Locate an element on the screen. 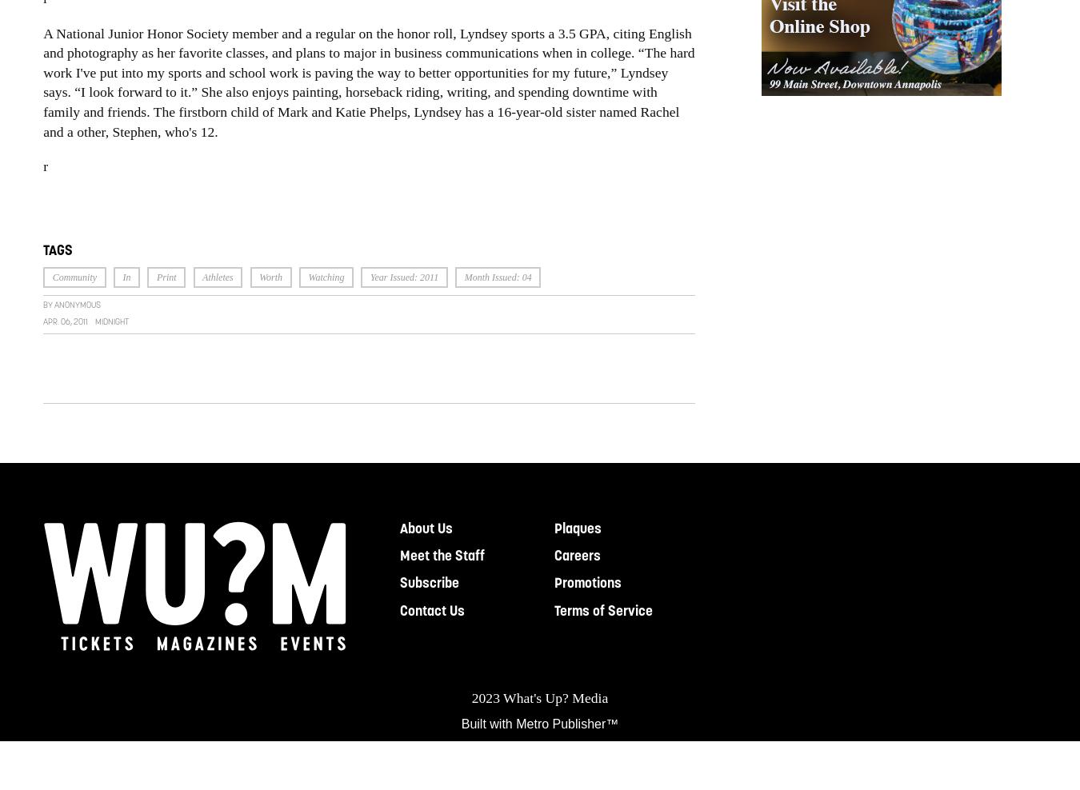 This screenshot has height=790, width=1080. 'Worth' is located at coordinates (270, 276).